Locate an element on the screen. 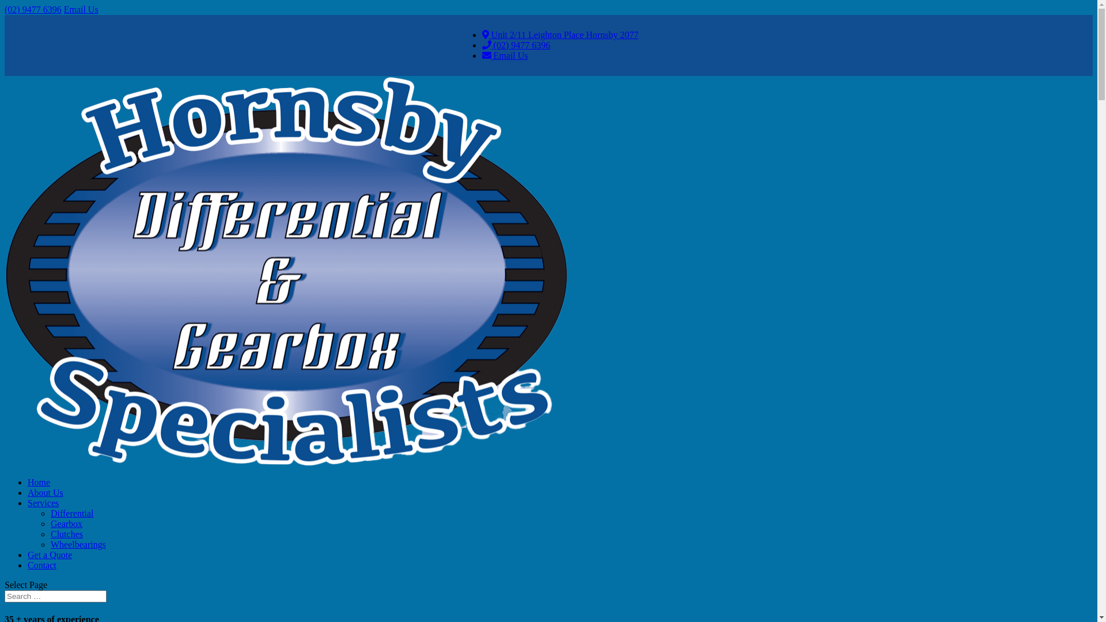  'Unit 2/11 Leighton Place Hornsby 2077' is located at coordinates (560, 34).